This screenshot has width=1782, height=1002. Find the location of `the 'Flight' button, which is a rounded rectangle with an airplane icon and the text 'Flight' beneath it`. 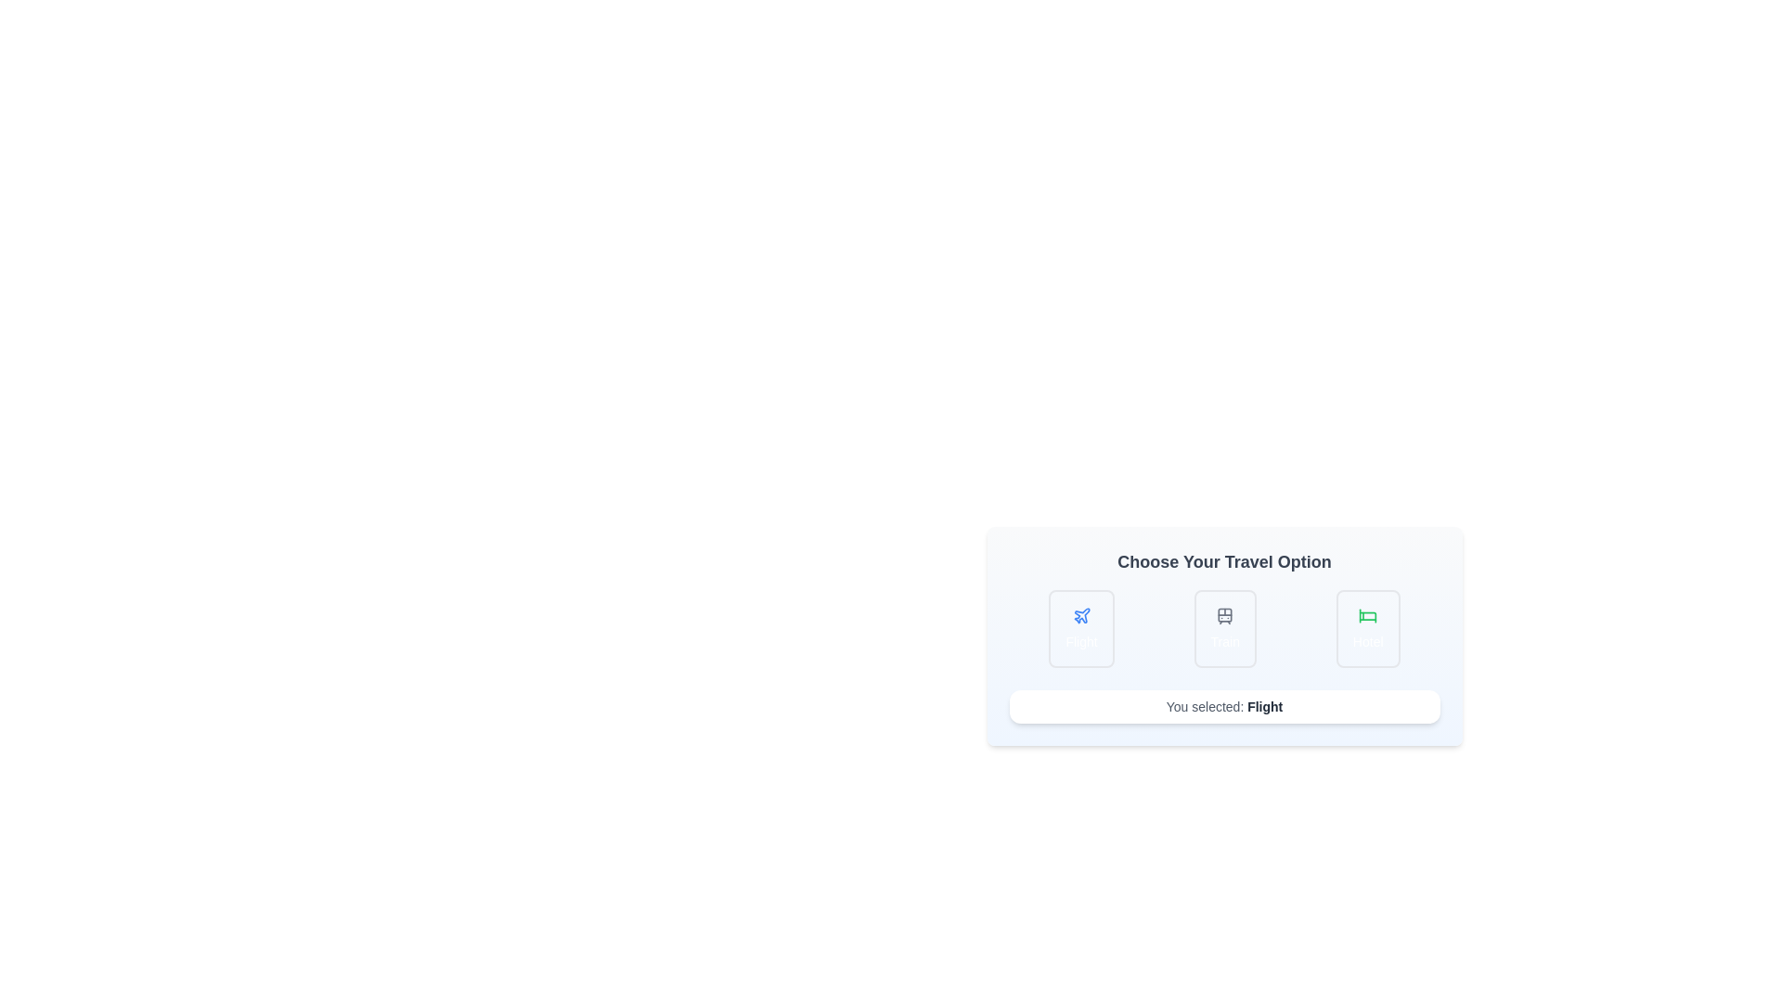

the 'Flight' button, which is a rounded rectangle with an airplane icon and the text 'Flight' beneath it is located at coordinates (1081, 628).